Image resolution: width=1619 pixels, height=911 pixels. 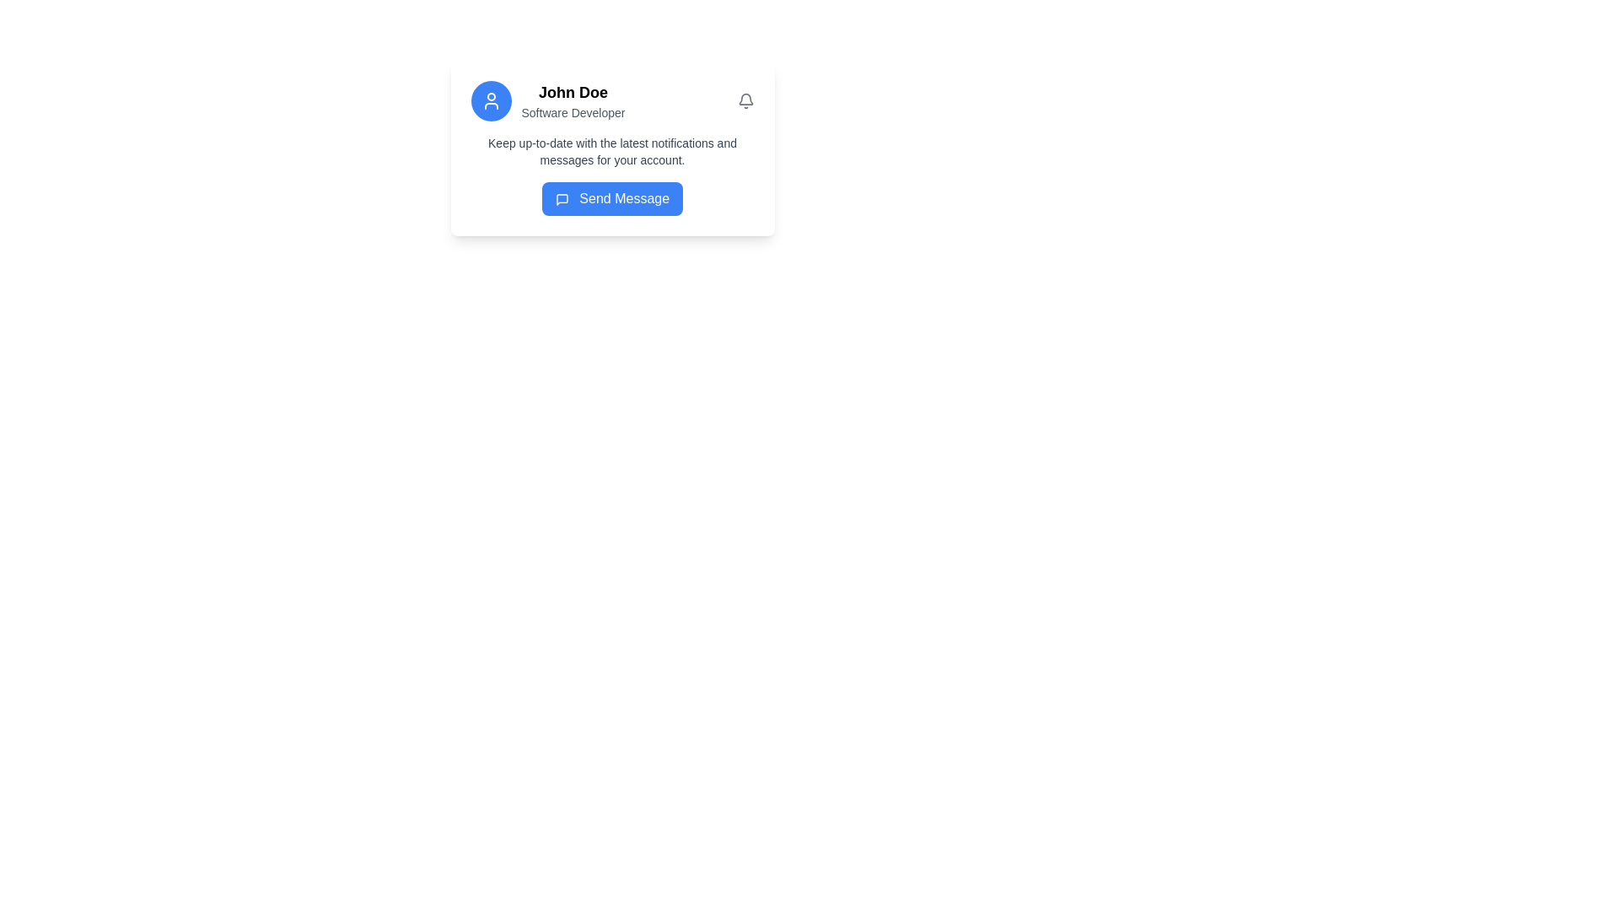 I want to click on the 'Send Message' button with a bright blue background and white text, so click(x=611, y=197).